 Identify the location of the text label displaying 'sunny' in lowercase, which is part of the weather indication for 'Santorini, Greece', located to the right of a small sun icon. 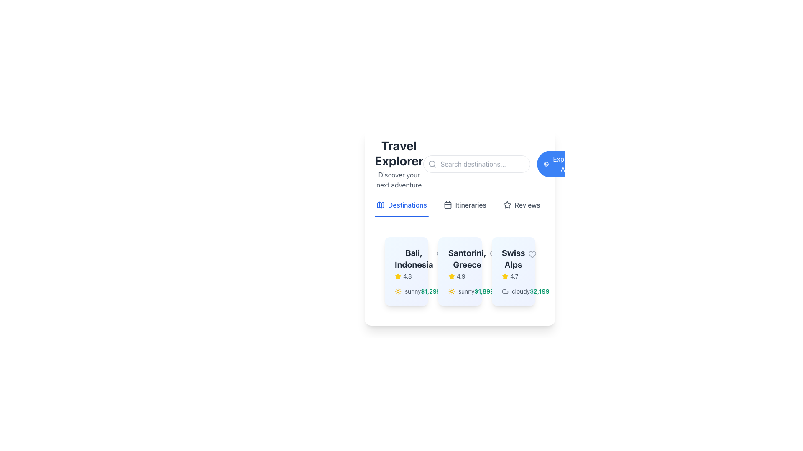
(466, 291).